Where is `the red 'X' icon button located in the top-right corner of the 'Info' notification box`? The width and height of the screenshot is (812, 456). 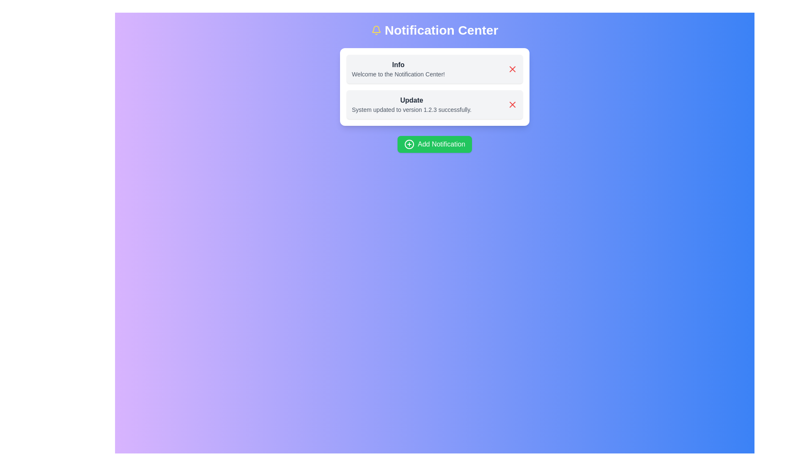 the red 'X' icon button located in the top-right corner of the 'Info' notification box is located at coordinates (512, 69).